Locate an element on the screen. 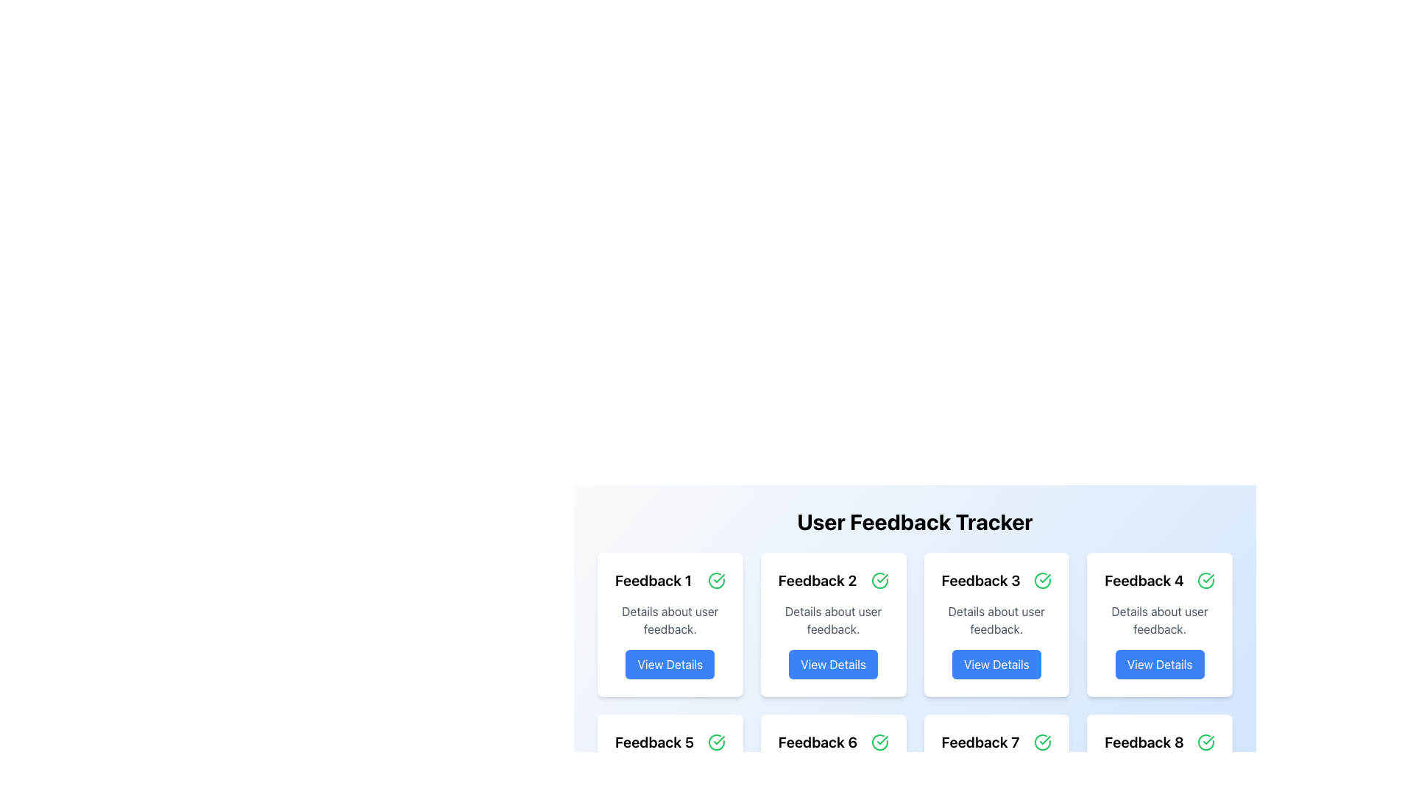 This screenshot has width=1413, height=794. the green checkmark icon indicating a completed status, located within the SVG element near the top-right corner of the 'Feedback 2' card is located at coordinates (719, 577).